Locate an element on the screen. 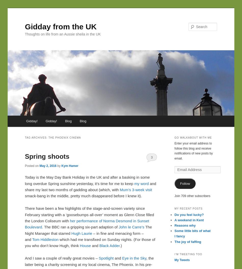 The image size is (242, 269). 'Black Adder' is located at coordinates (99, 246).